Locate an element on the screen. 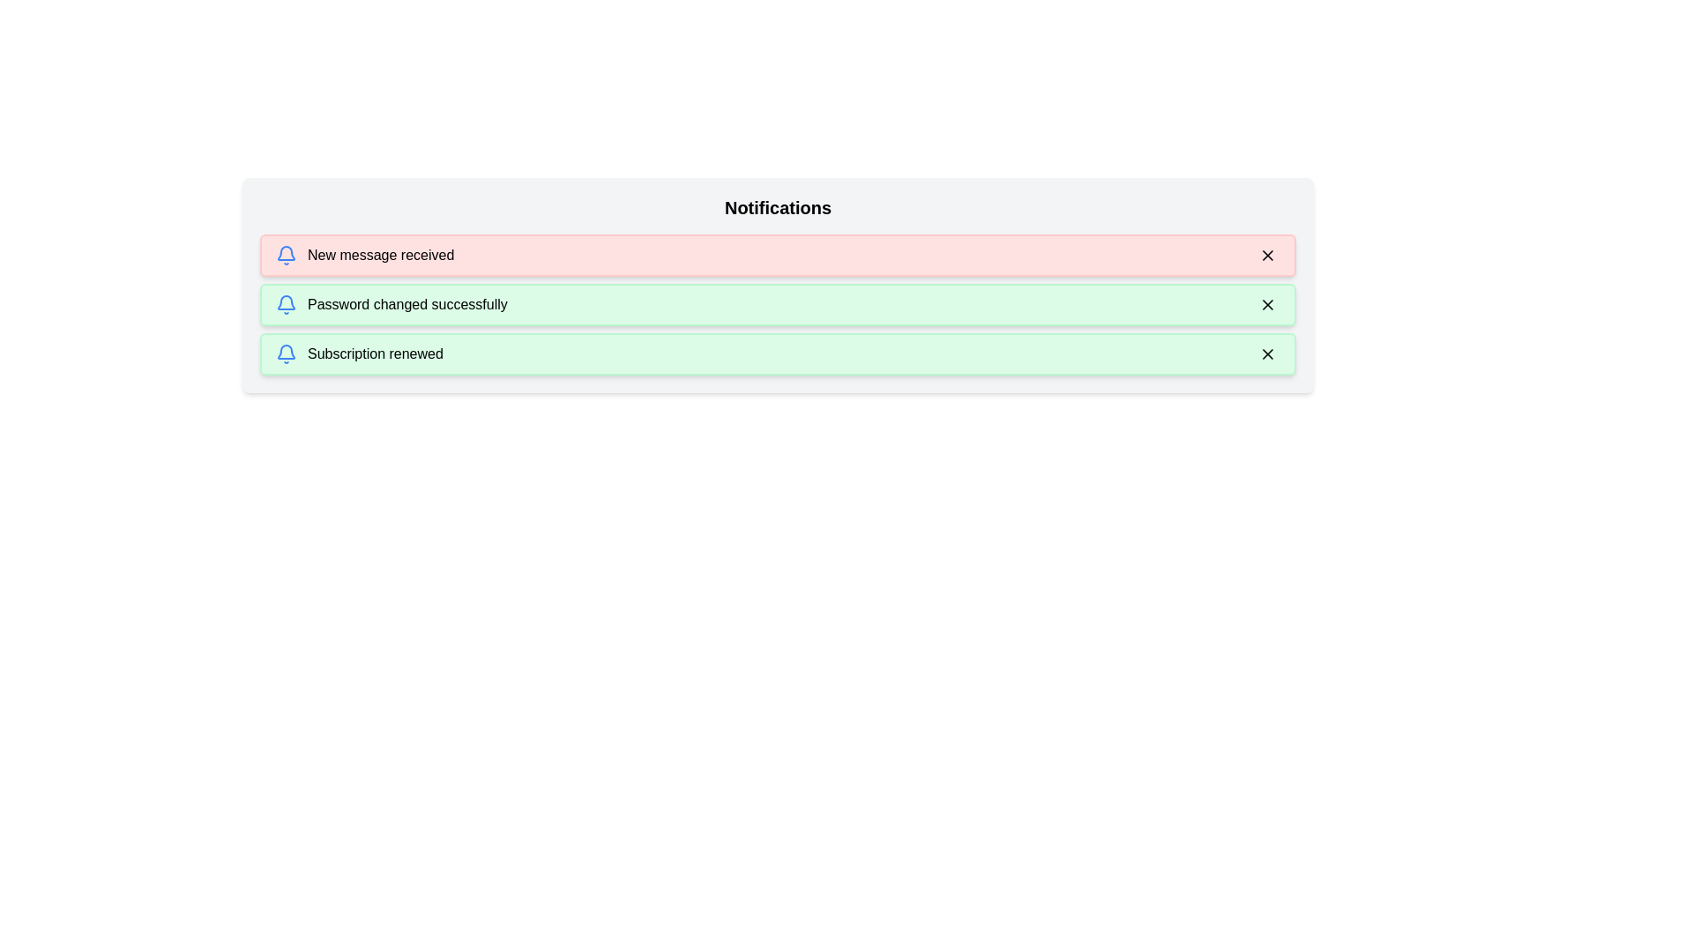 This screenshot has width=1693, height=952. the Notification item displaying the bell icon and the text 'New message received', which is the first item is located at coordinates (364, 255).